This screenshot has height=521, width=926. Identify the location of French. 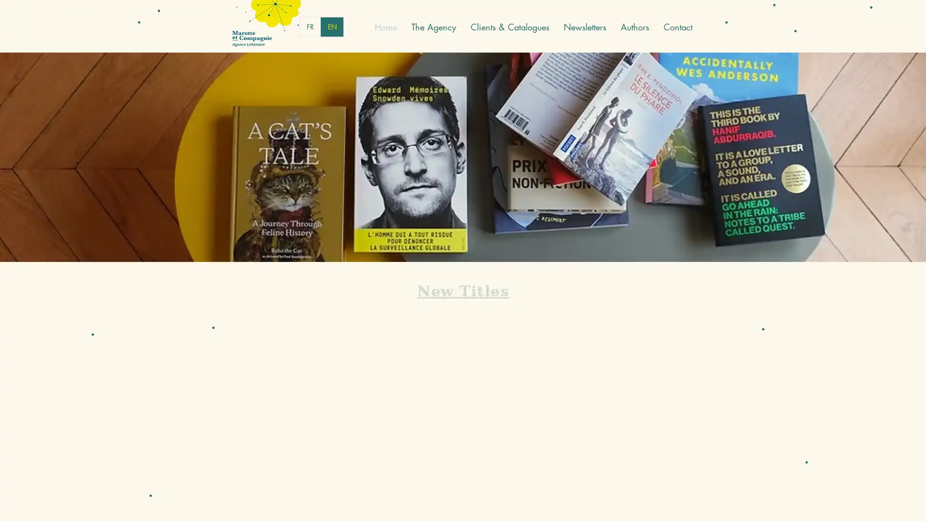
(322, 27).